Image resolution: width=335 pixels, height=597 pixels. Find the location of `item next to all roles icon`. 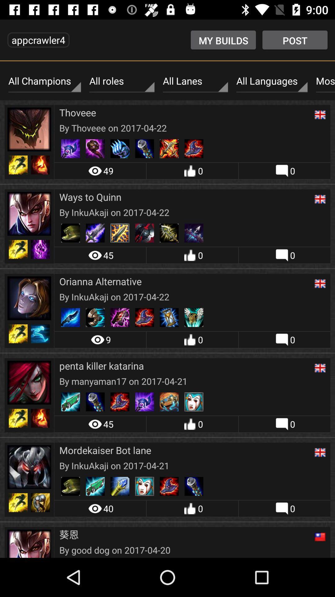

item next to all roles icon is located at coordinates (44, 81).